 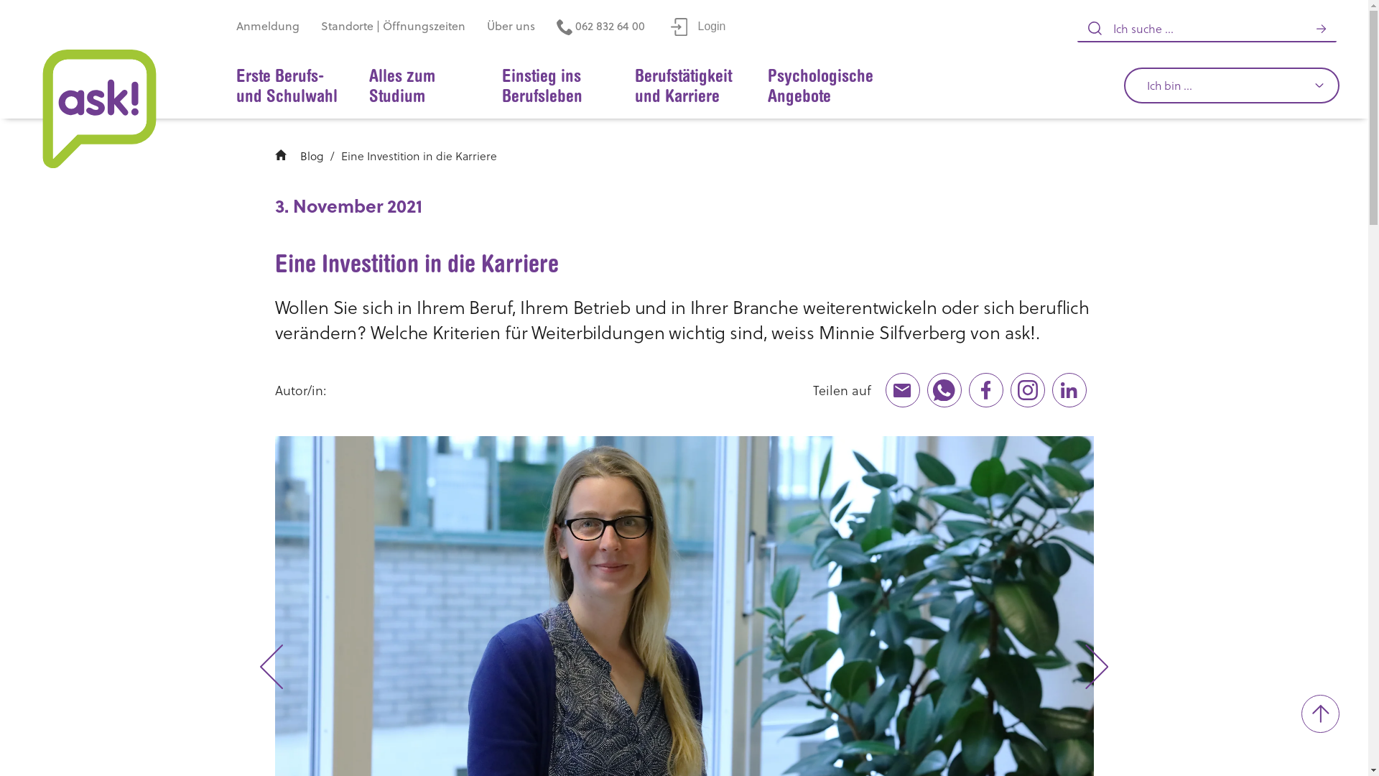 I want to click on 'Login', so click(x=698, y=26).